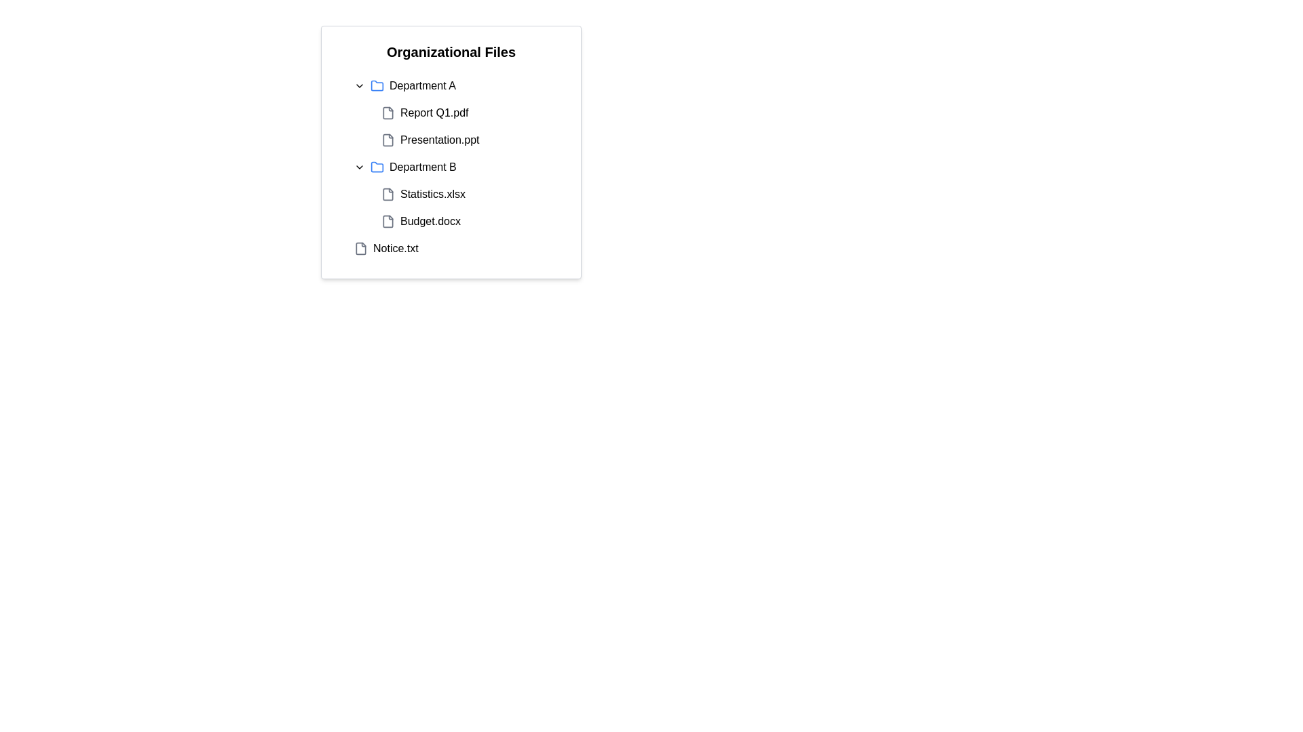  Describe the element at coordinates (440, 140) in the screenshot. I see `the Text label representing the file 'Presentation.ppt', which is the second item under the 'Department A' section of the hierarchical list` at that location.